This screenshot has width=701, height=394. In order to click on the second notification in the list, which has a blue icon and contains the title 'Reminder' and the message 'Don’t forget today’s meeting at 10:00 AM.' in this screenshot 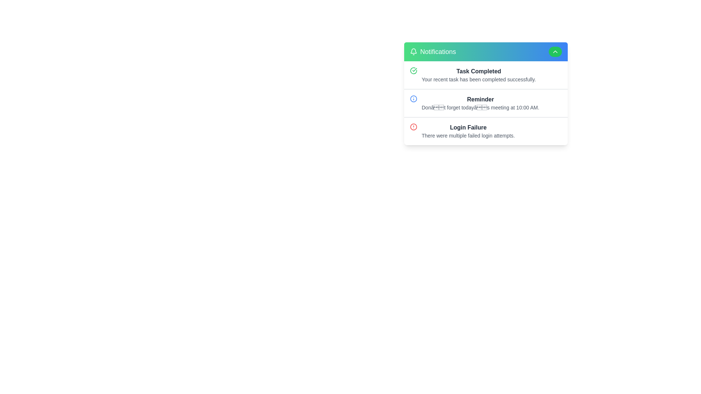, I will do `click(486, 103)`.